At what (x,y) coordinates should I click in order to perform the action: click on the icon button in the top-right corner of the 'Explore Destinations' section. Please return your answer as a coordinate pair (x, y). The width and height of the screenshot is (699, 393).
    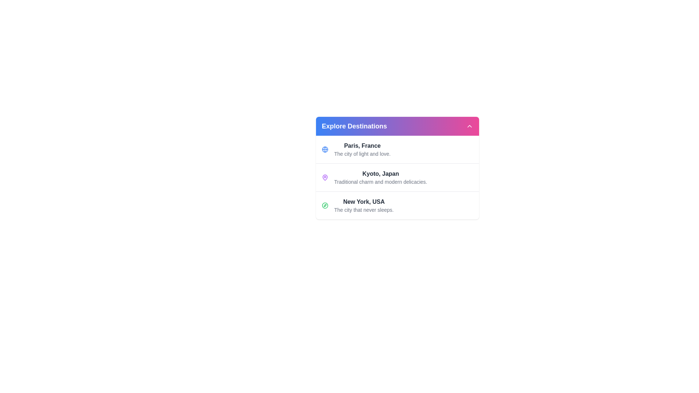
    Looking at the image, I should click on (470, 126).